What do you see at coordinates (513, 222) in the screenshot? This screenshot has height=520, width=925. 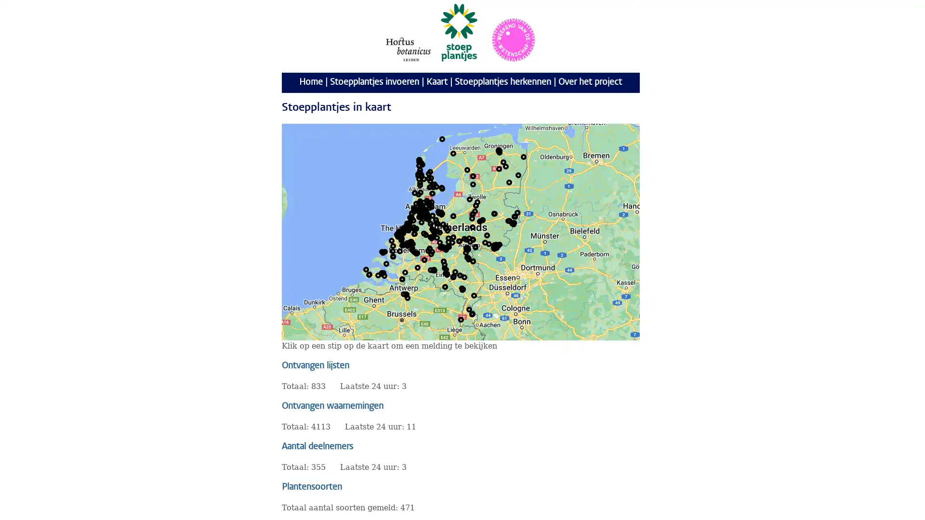 I see `Telling van MeerGroenInDeStad op 07 juni 2022` at bounding box center [513, 222].